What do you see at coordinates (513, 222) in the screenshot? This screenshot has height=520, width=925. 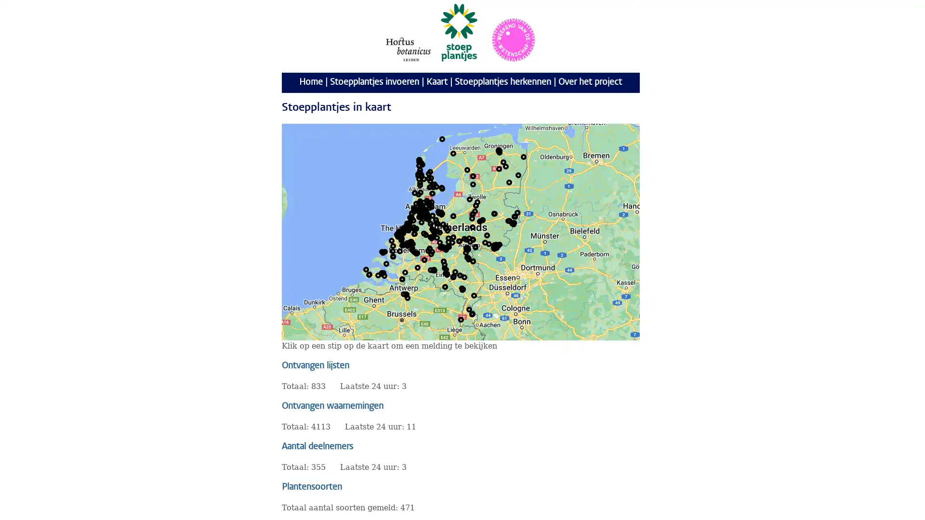 I see `Telling van MeerGroenInDeStad op 07 juni 2022` at bounding box center [513, 222].